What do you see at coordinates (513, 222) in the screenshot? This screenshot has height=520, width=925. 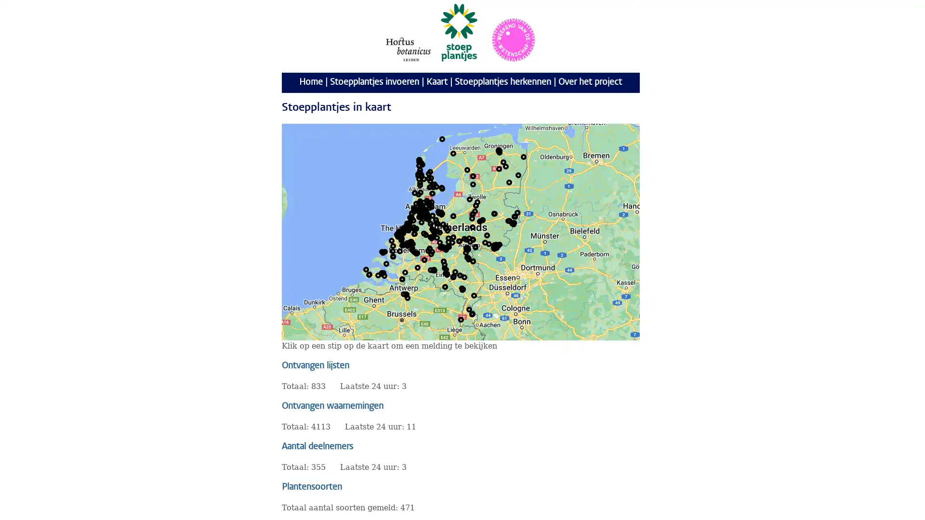 I see `Telling van MeerGroenInDeStad op 07 juni 2022` at bounding box center [513, 222].